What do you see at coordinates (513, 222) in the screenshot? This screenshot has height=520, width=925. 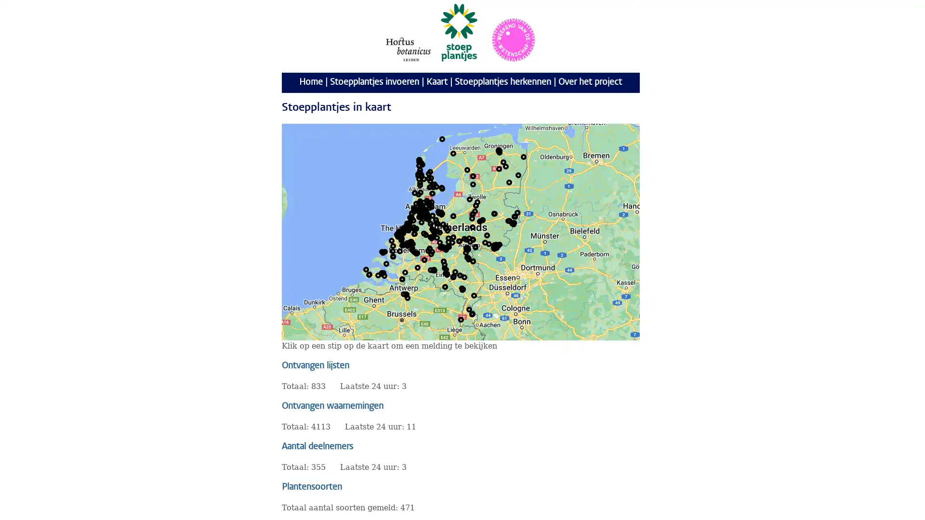 I see `Telling van MeerGroenInDeStad op 07 juni 2022` at bounding box center [513, 222].